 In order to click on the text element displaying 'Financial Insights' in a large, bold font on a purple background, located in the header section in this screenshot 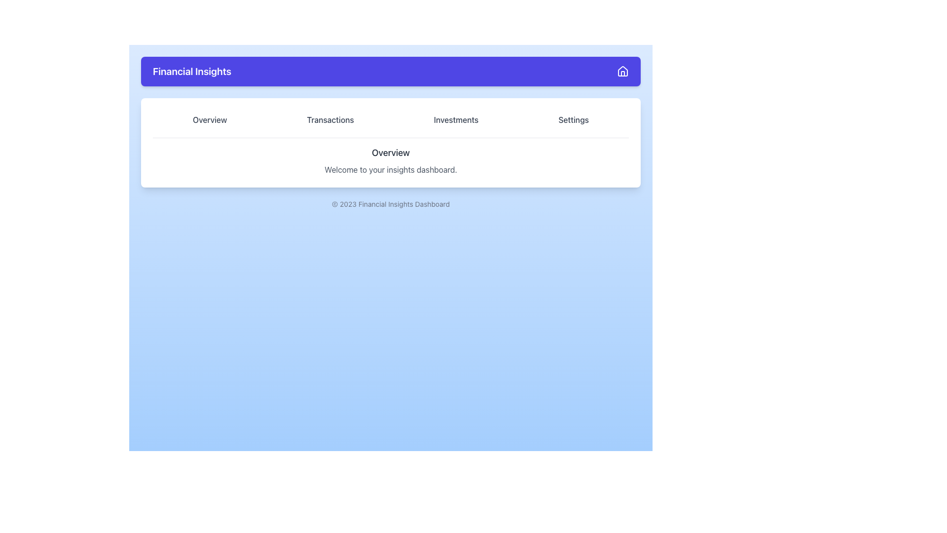, I will do `click(192, 71)`.